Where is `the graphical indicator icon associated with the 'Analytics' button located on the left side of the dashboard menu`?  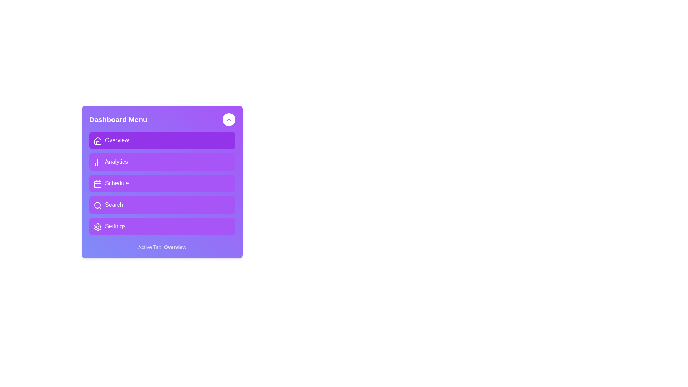
the graphical indicator icon associated with the 'Analytics' button located on the left side of the dashboard menu is located at coordinates (96, 162).